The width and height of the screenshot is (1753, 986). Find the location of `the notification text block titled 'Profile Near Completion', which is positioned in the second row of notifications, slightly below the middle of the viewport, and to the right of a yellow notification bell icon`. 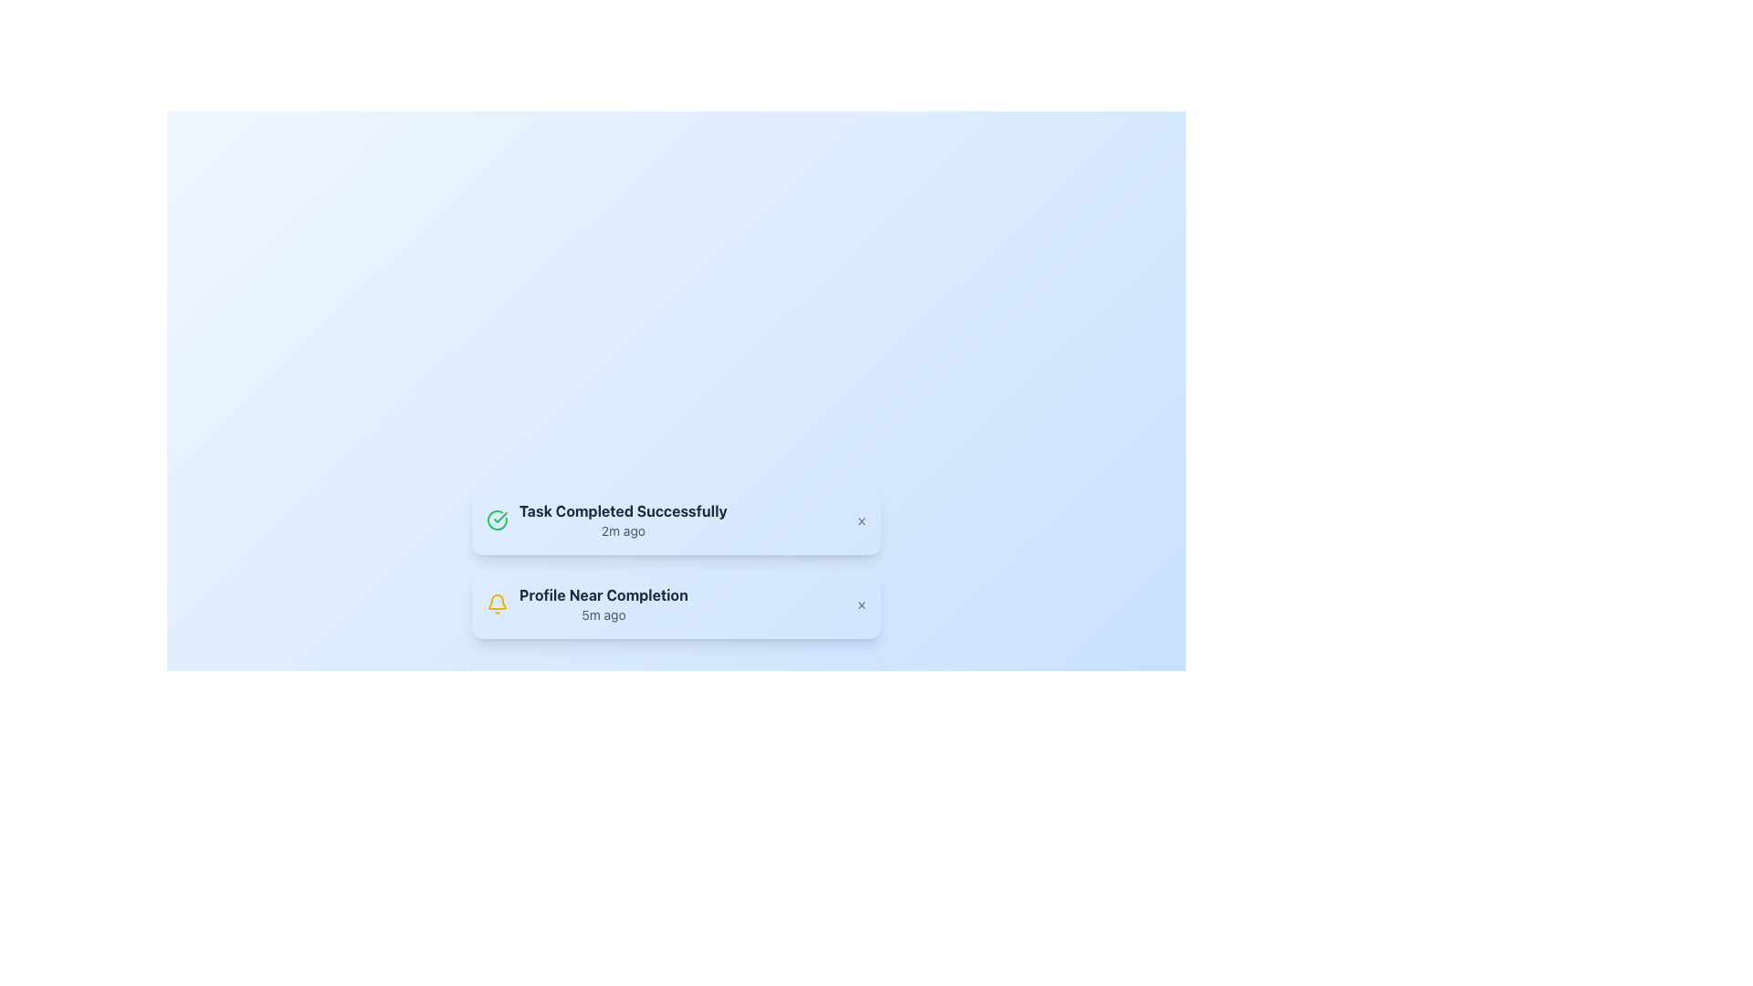

the notification text block titled 'Profile Near Completion', which is positioned in the second row of notifications, slightly below the middle of the viewport, and to the right of a yellow notification bell icon is located at coordinates (604, 604).